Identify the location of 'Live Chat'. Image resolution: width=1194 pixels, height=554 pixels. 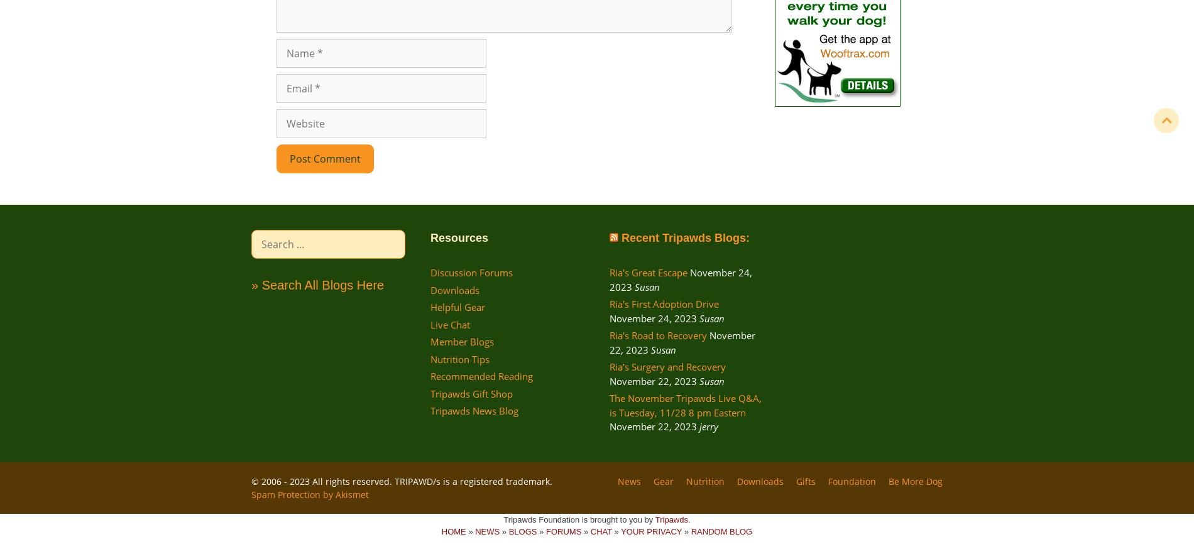
(449, 323).